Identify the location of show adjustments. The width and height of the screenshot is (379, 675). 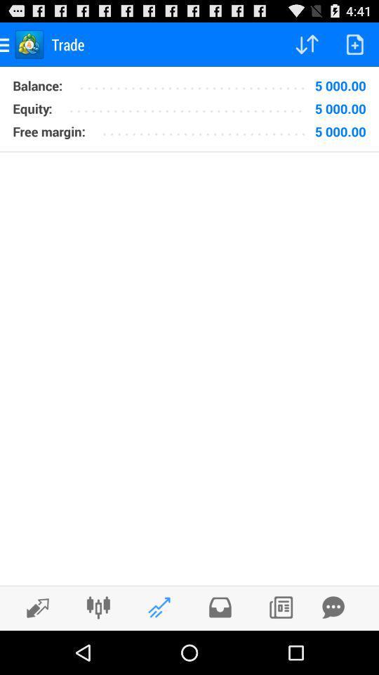
(98, 607).